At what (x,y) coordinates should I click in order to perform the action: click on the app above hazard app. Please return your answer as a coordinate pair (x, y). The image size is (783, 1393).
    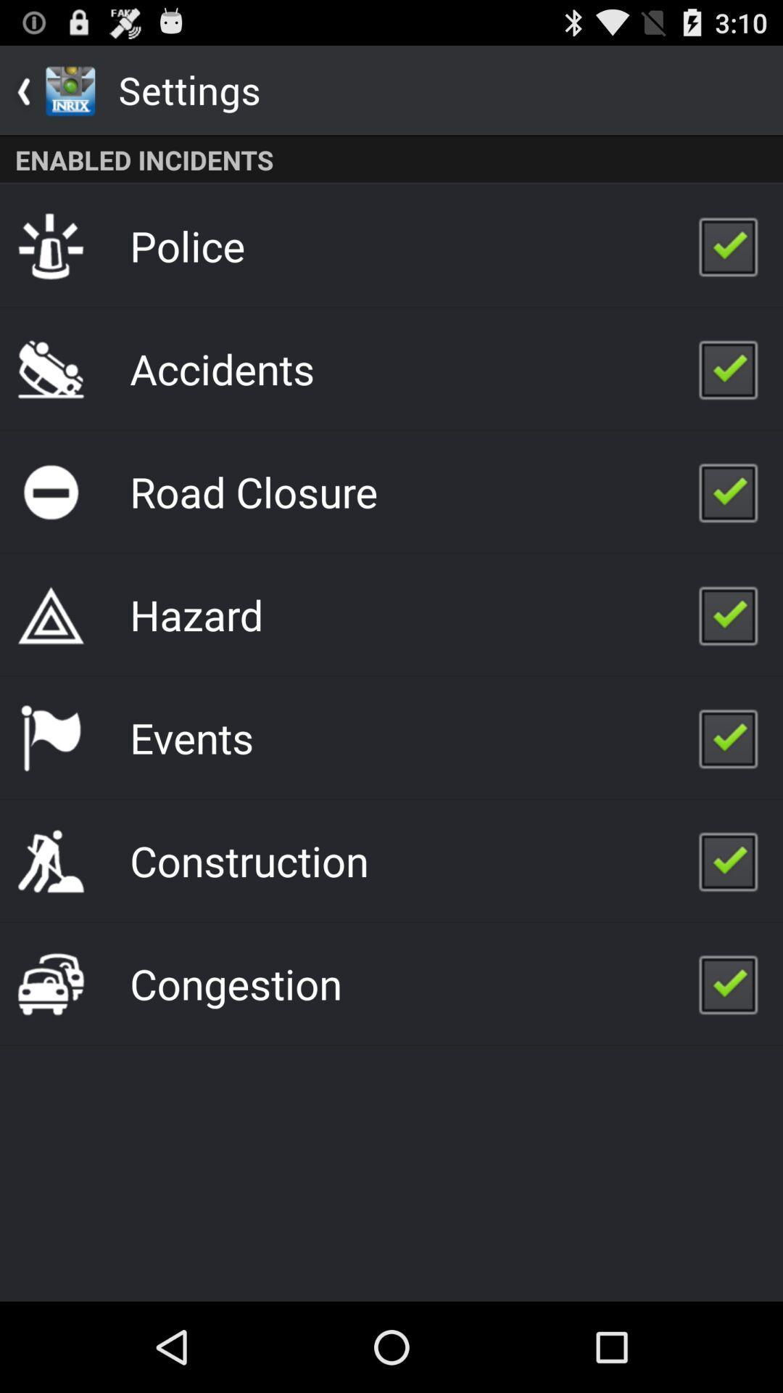
    Looking at the image, I should click on (253, 491).